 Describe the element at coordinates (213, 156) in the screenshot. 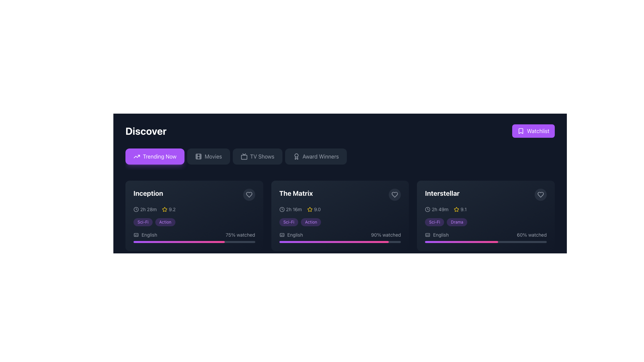

I see `the text label located to the right of the film reels icon in the navigation bar` at that location.